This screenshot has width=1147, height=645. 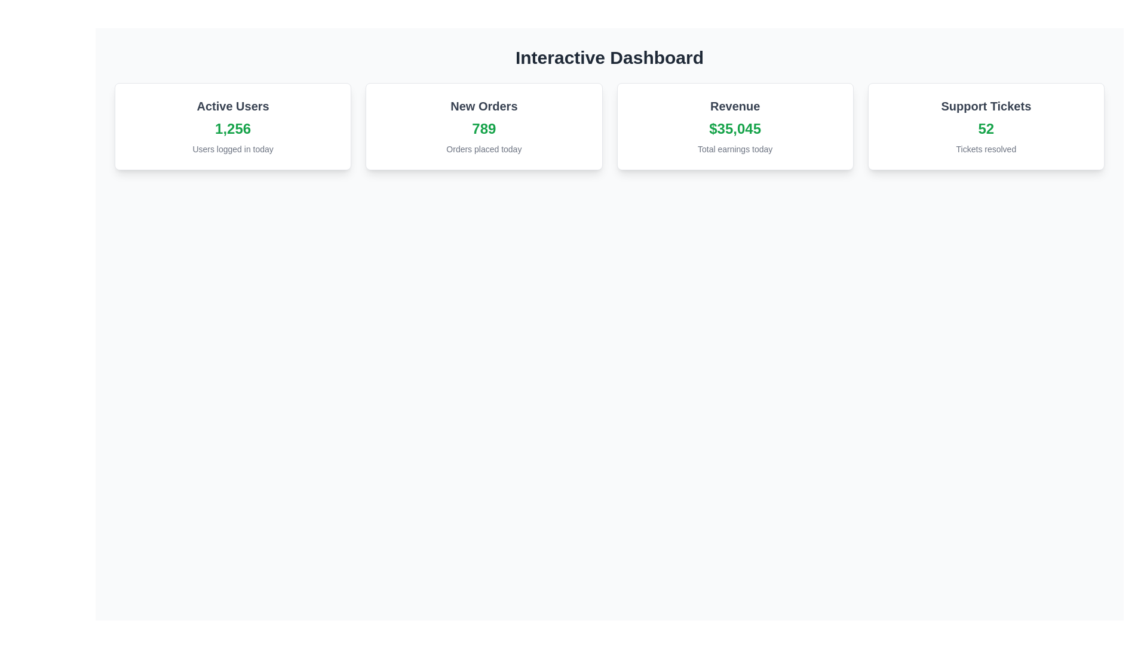 What do you see at coordinates (233, 105) in the screenshot?
I see `the 'Active Users' label, which is displayed in bold, large sans-serif font at the top of the user activity card` at bounding box center [233, 105].